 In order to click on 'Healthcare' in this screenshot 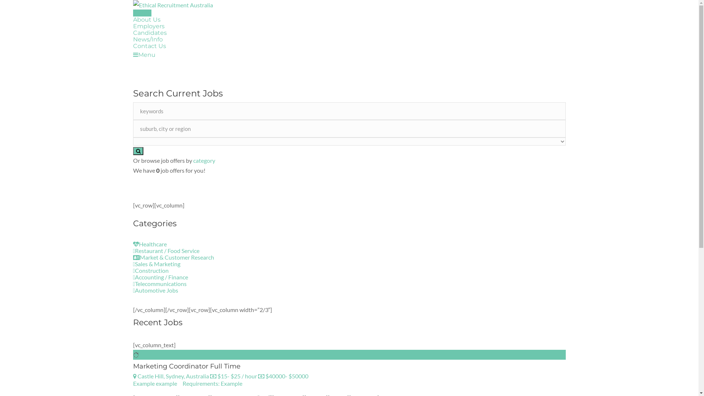, I will do `click(132, 244)`.